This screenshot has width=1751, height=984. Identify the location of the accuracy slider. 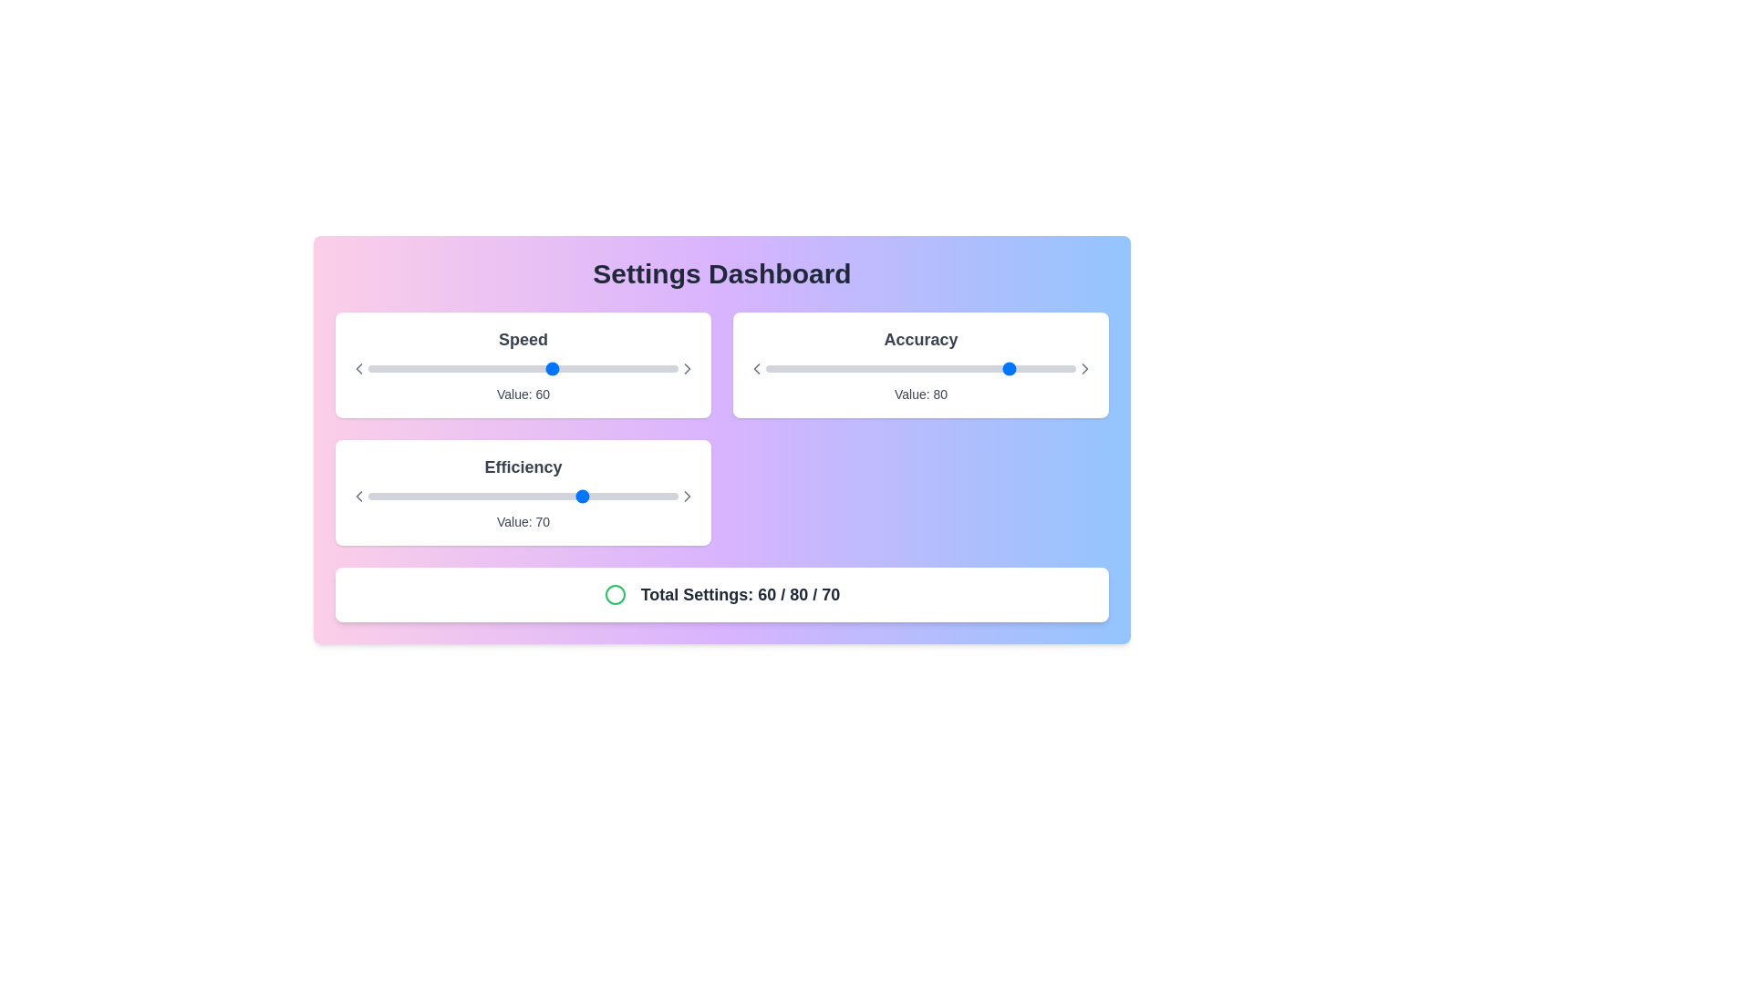
(920, 369).